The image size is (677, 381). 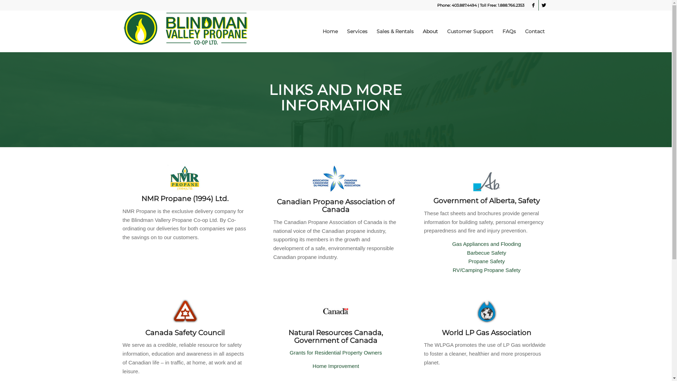 I want to click on 'Alberta Government', so click(x=486, y=179).